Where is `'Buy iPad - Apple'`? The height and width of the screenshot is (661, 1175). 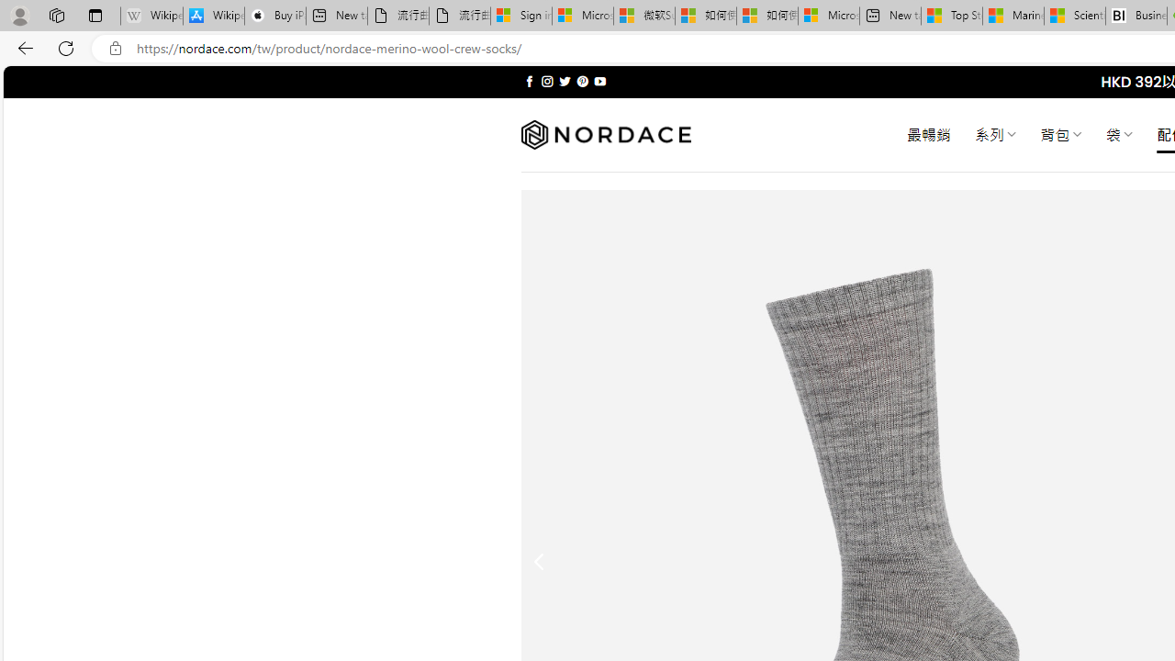 'Buy iPad - Apple' is located at coordinates (274, 16).